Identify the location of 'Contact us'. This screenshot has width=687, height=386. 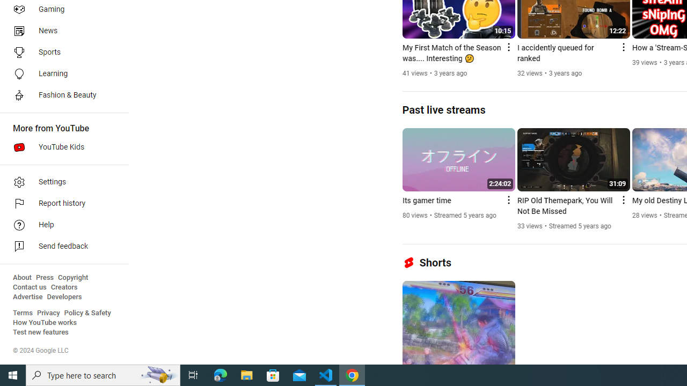
(30, 287).